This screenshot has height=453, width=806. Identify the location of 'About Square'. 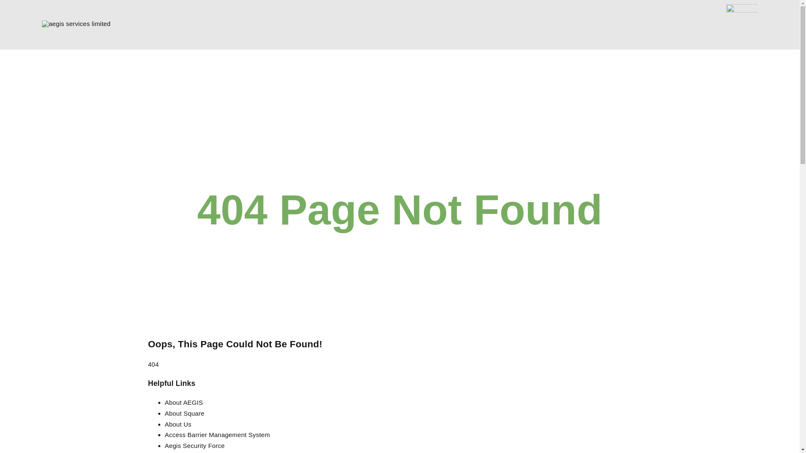
(183, 413).